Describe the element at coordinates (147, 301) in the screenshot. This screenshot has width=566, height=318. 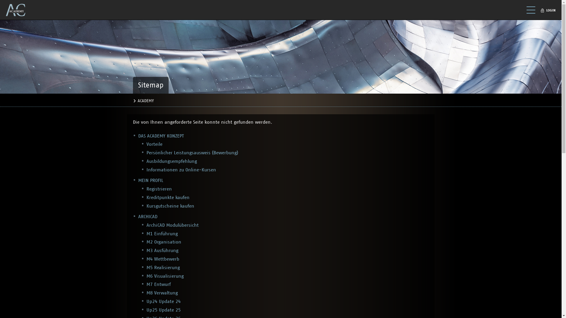
I see `'Up24 Update 24'` at that location.